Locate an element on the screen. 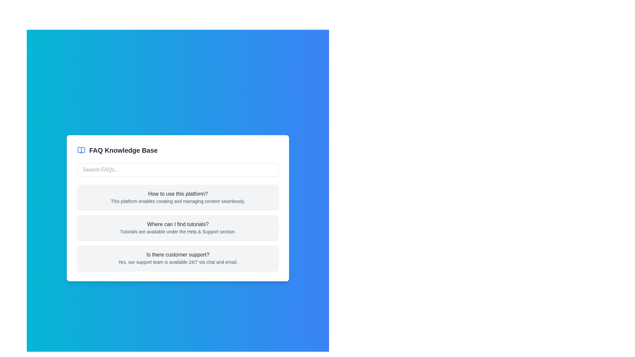 The width and height of the screenshot is (635, 357). the FAQ entry that provides the question 'Where can I find tutorials?' is located at coordinates (178, 227).